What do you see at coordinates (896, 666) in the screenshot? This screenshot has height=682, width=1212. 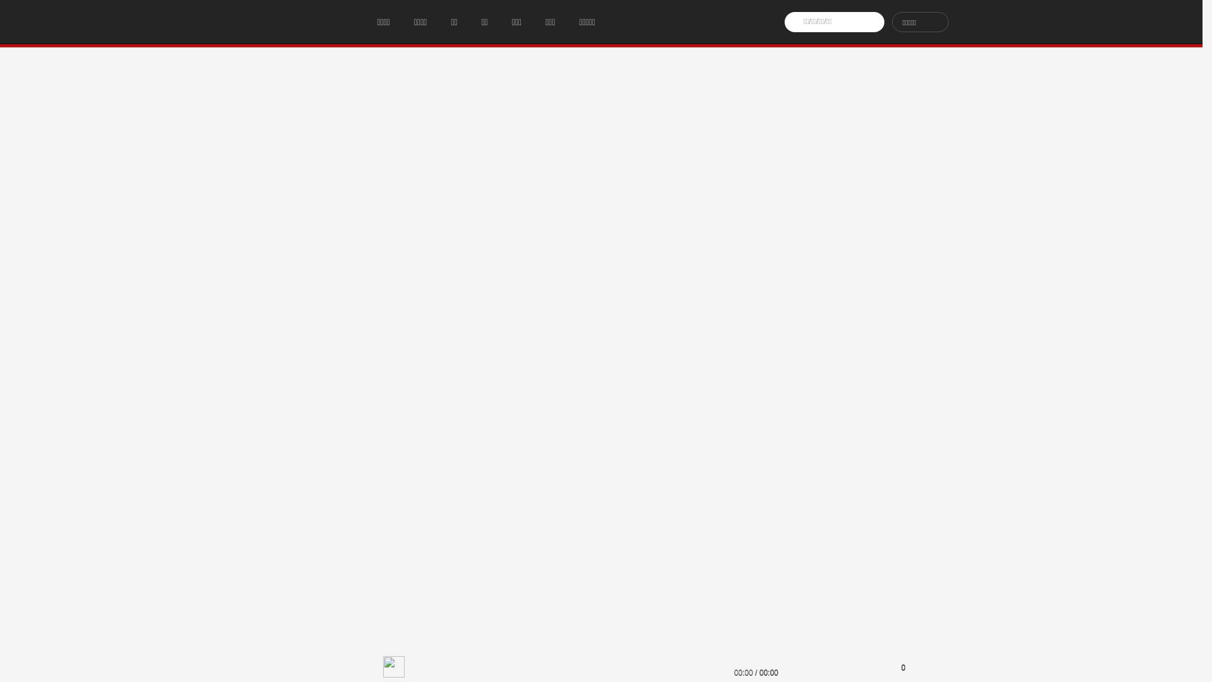 I see `'0'` at bounding box center [896, 666].